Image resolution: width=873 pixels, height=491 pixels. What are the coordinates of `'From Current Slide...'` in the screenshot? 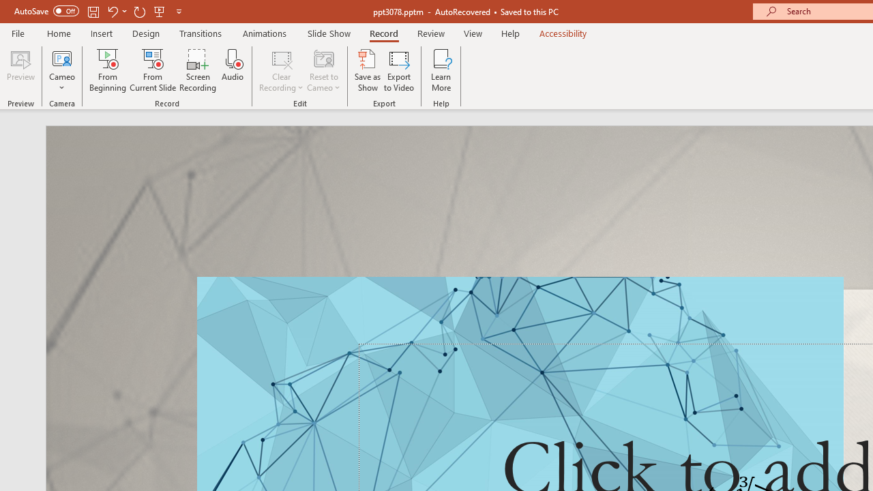 It's located at (153, 70).